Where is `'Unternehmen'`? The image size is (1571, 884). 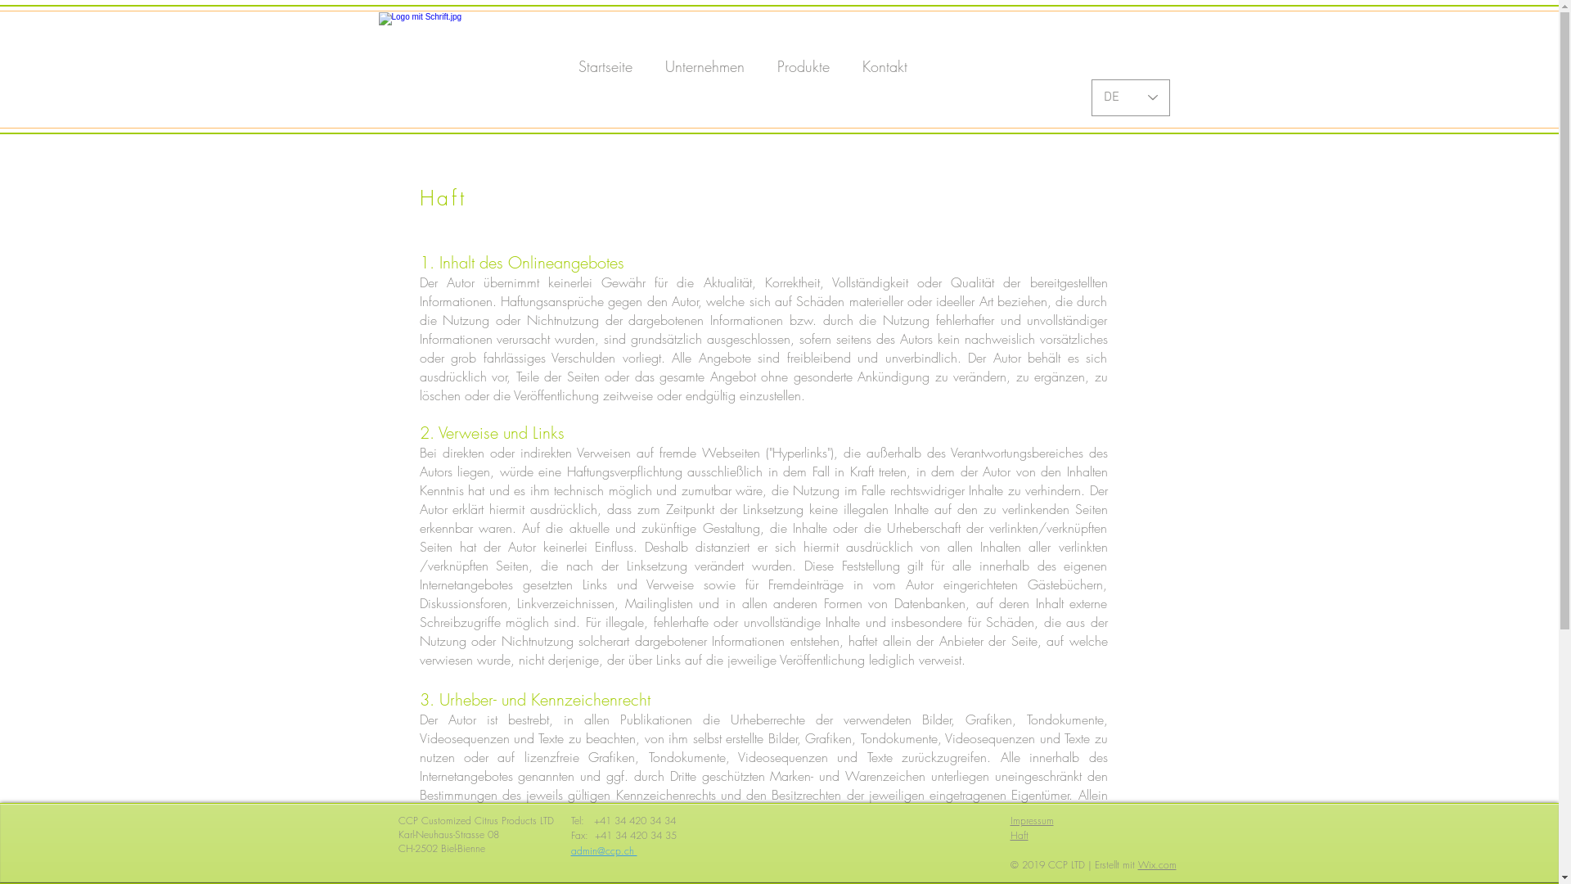
'Unternehmen' is located at coordinates (647, 65).